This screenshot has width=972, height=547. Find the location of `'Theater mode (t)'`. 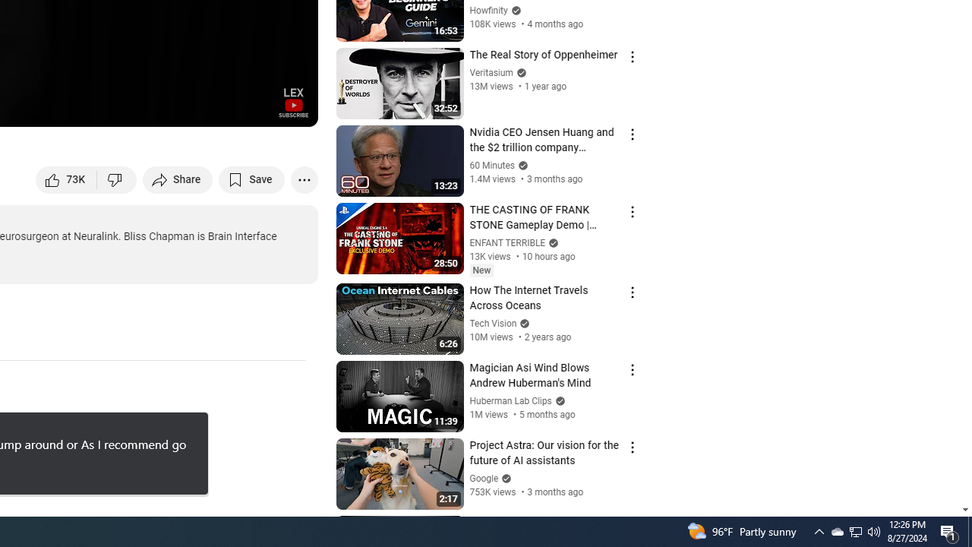

'Theater mode (t)' is located at coordinates (254, 107).